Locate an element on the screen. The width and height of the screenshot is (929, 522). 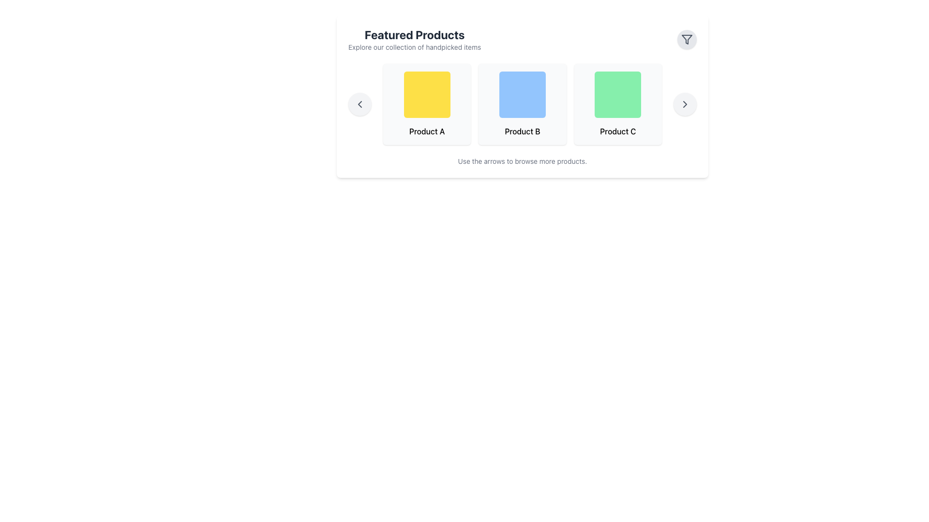
the text label displaying 'Product A', which is styled with a medium font weight and located at the bottom of the leftmost card in a row of three cards is located at coordinates (426, 131).